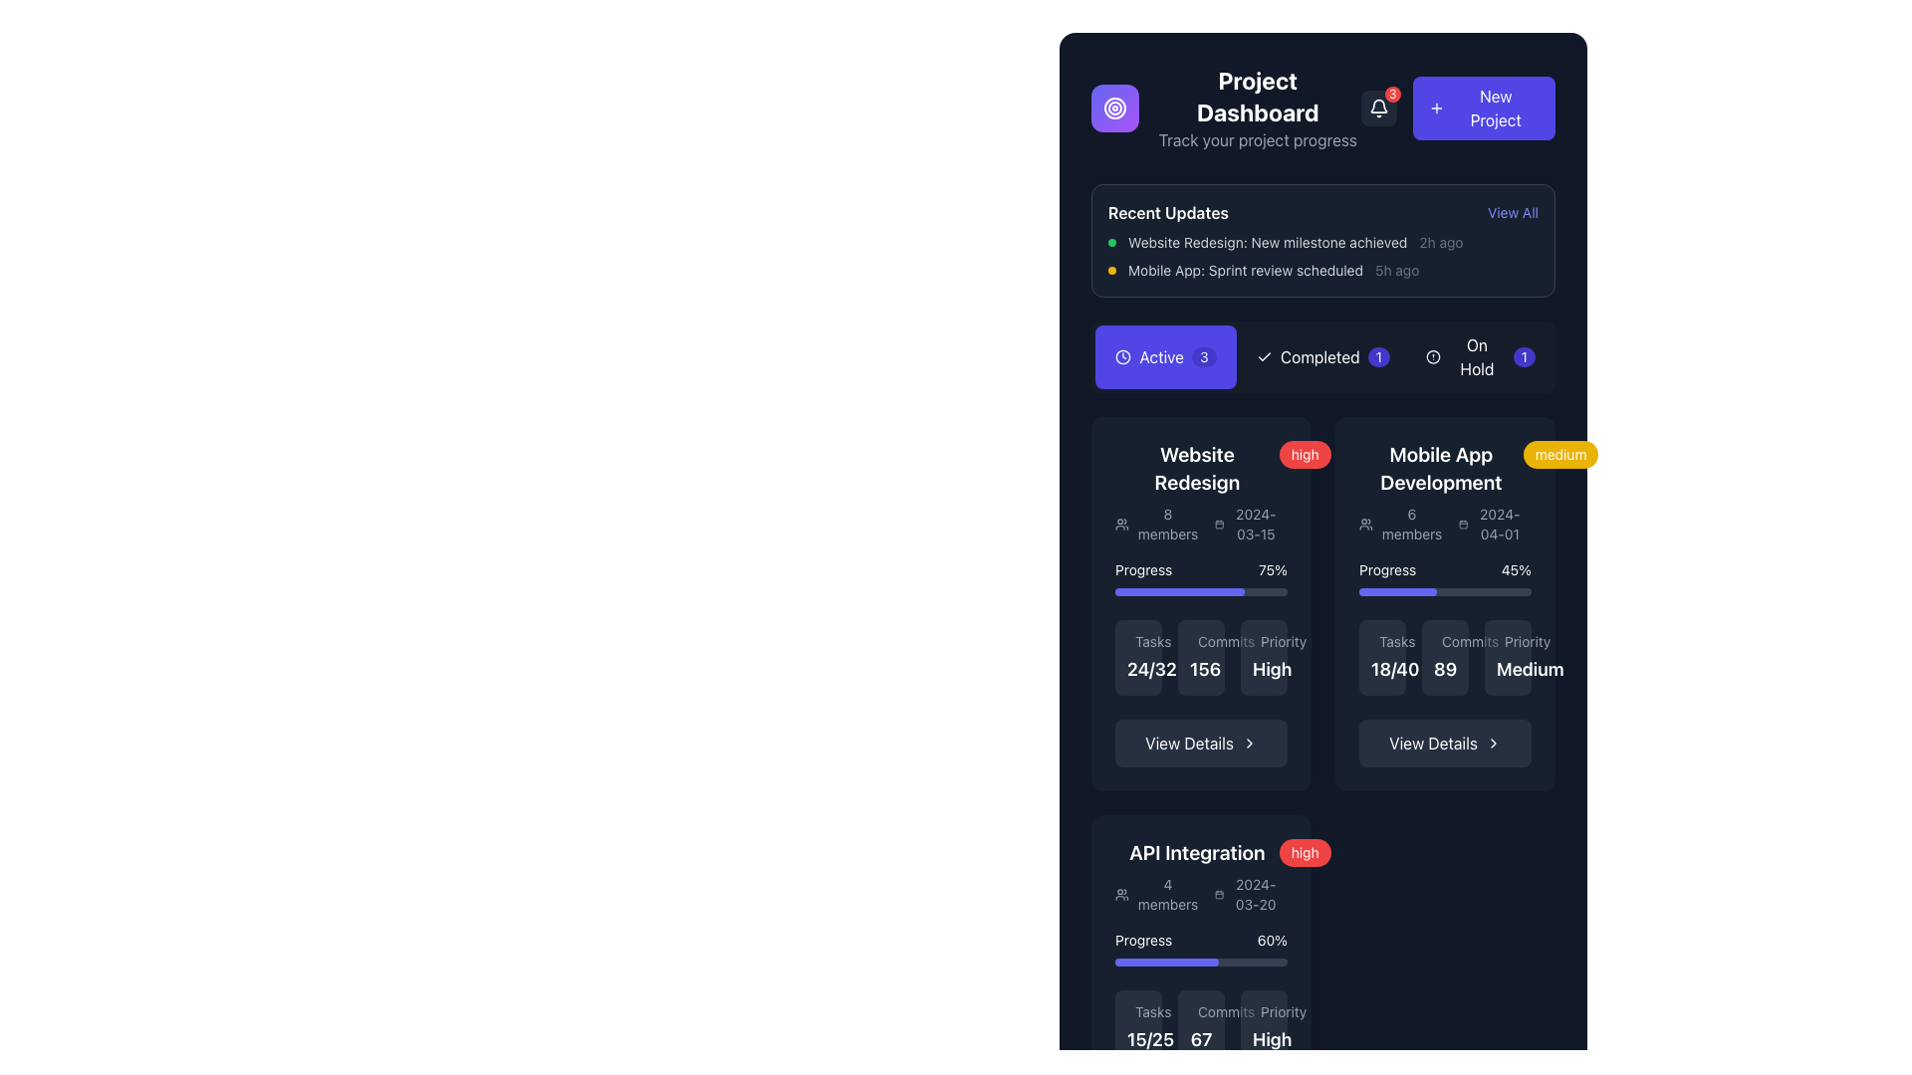 Image resolution: width=1912 pixels, height=1075 pixels. I want to click on the button located at the bottom of the 'Website Redesign' card, so click(1200, 744).